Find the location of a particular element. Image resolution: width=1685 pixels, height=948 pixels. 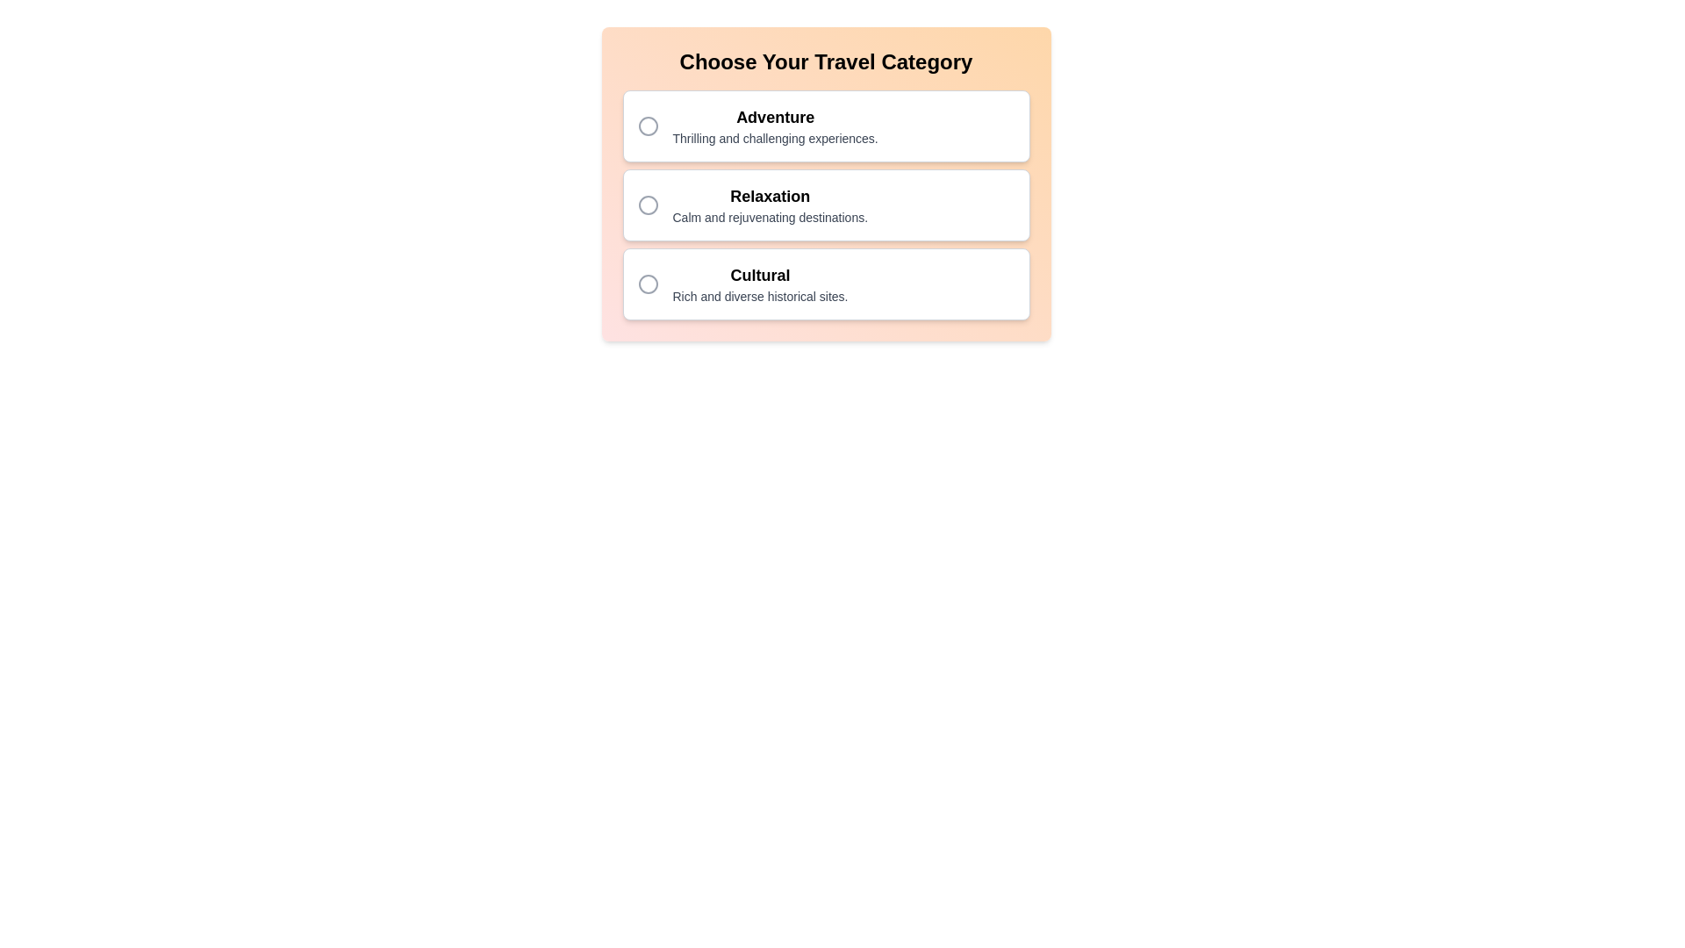

the radio button located at the leftmost part of the 'Relaxation' card to receive a visual indication of interactivity is located at coordinates (647, 205).